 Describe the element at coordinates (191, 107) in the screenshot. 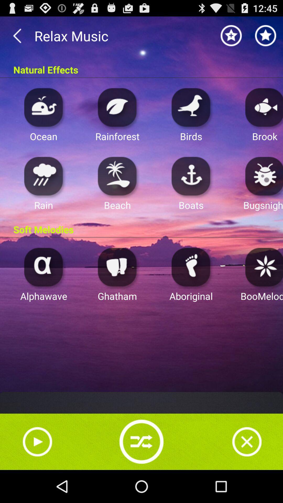

I see `open app` at that location.